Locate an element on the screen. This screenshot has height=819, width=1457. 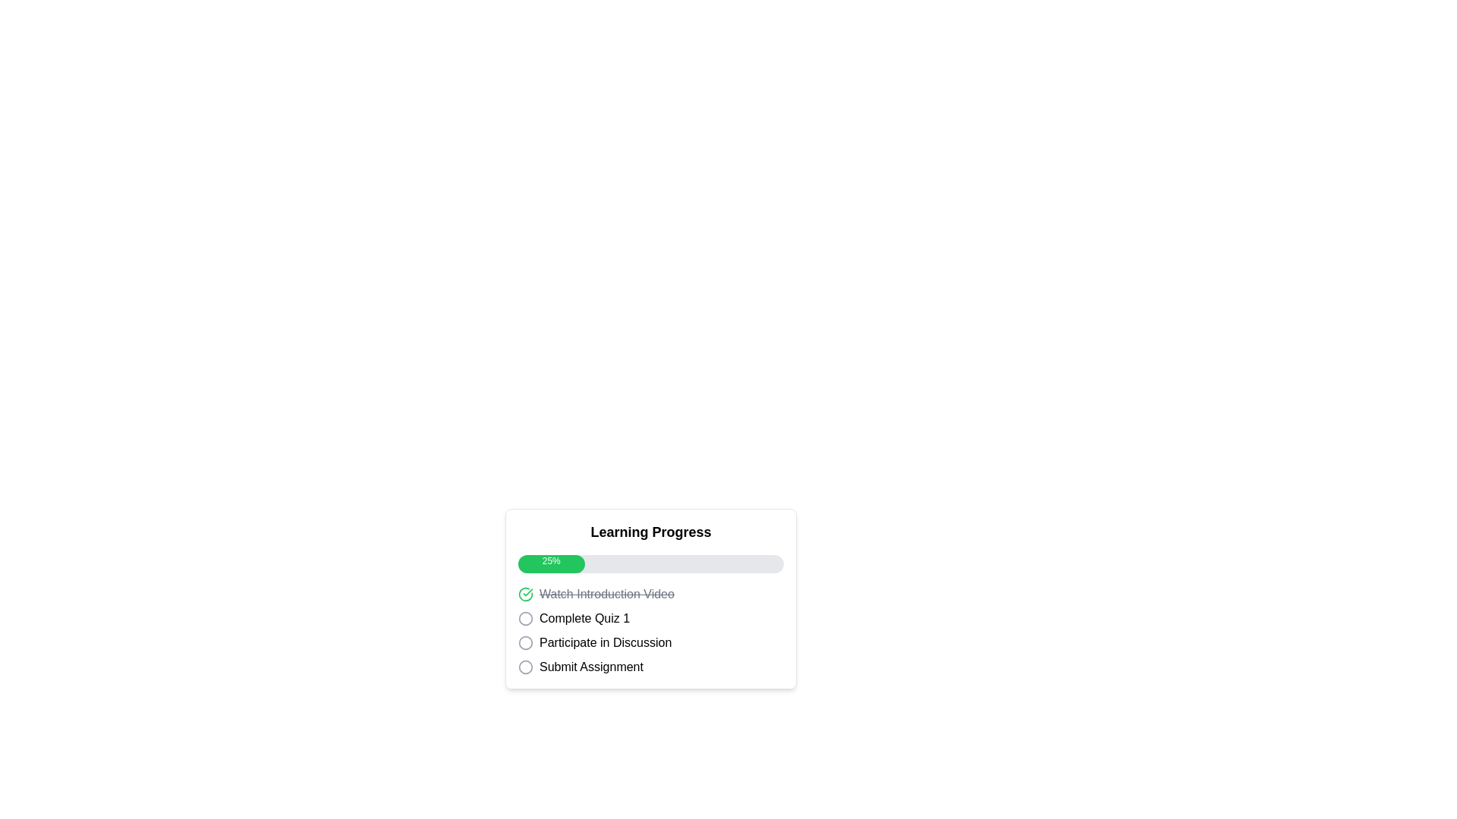
the completion status icon located directly to the left of the text 'Watch Introduction Video' in the task list is located at coordinates (525, 593).